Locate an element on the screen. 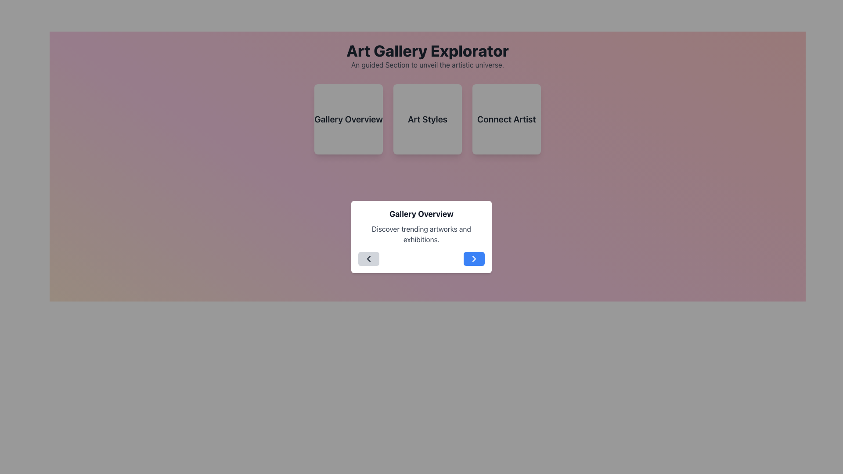 This screenshot has height=474, width=843. the navigation arrow icon located on the rightmost side of the pop-up content section to trigger the tooltip or highlight effect is located at coordinates (474, 259).